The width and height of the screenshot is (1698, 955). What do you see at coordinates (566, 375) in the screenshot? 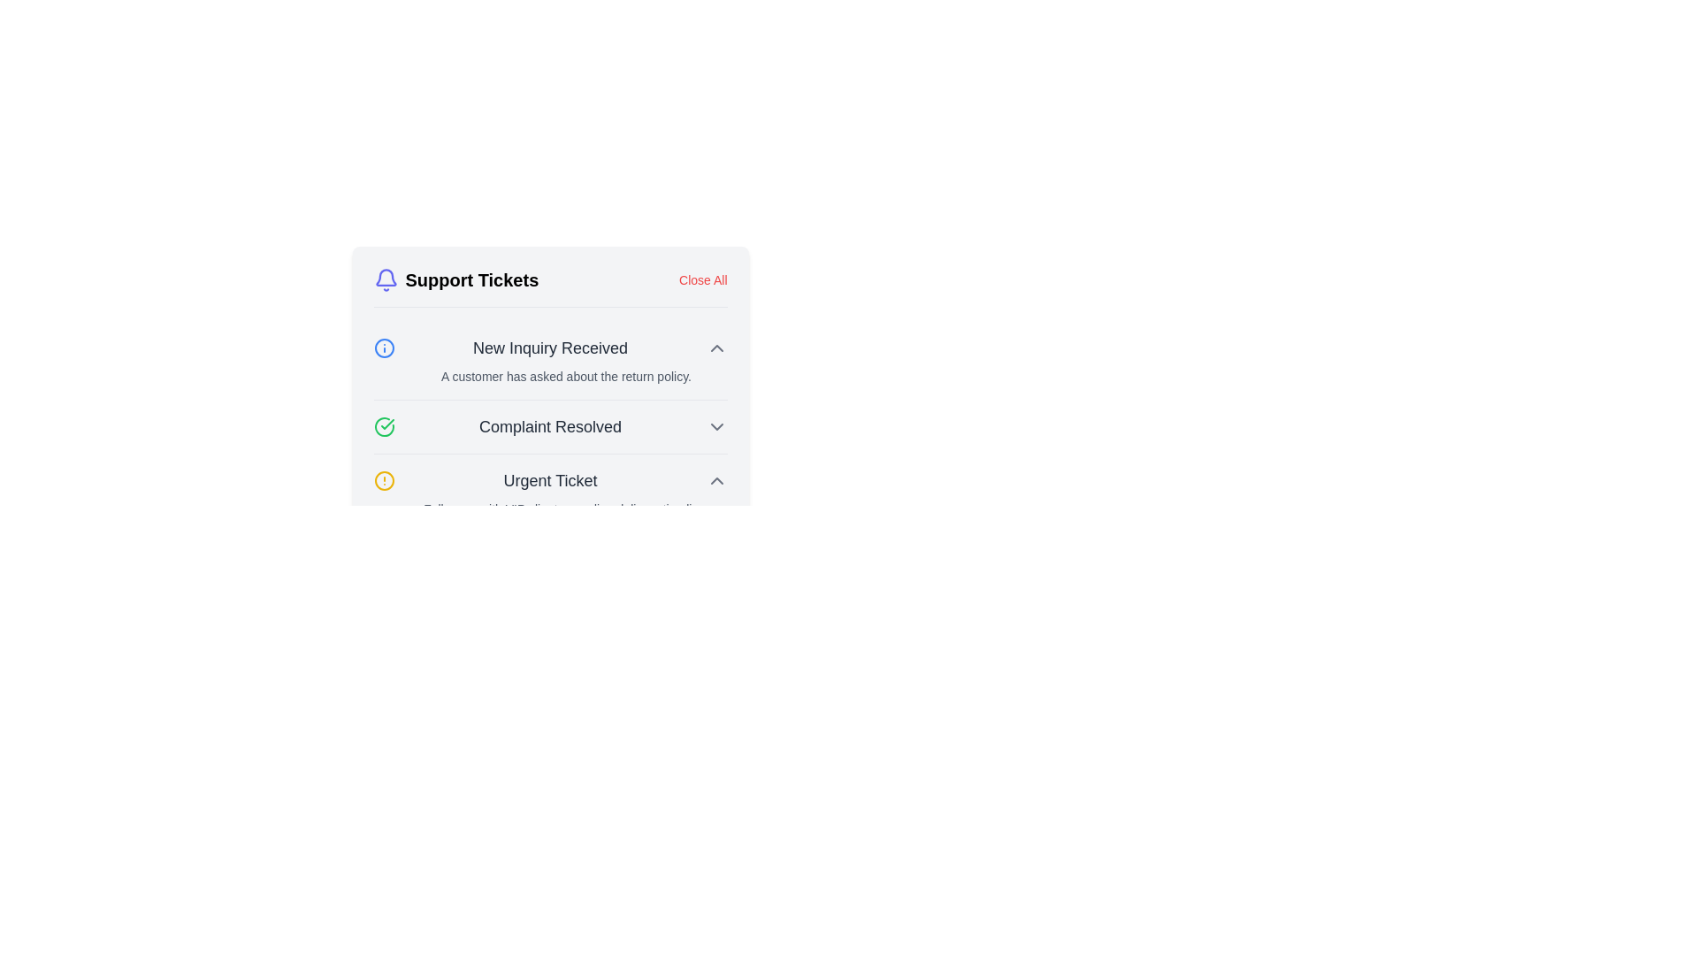
I see `text label that states 'A customer has asked about the return policy.', which is styled in a smaller gray font and is located below the title 'New Inquiry Received' in the notification block` at bounding box center [566, 375].